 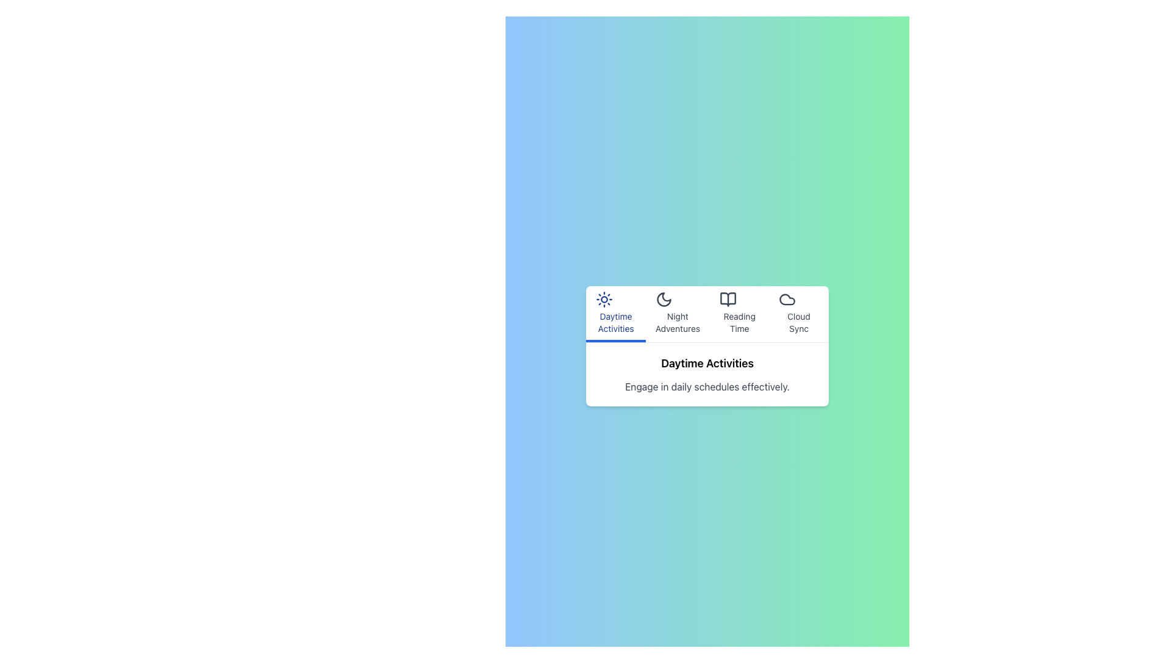 What do you see at coordinates (787, 299) in the screenshot?
I see `the cloud icon labeled 'Cloud Sync', which is the fourth icon from the left in a horizontal layout of four icons located in the top-right corner of the card` at bounding box center [787, 299].